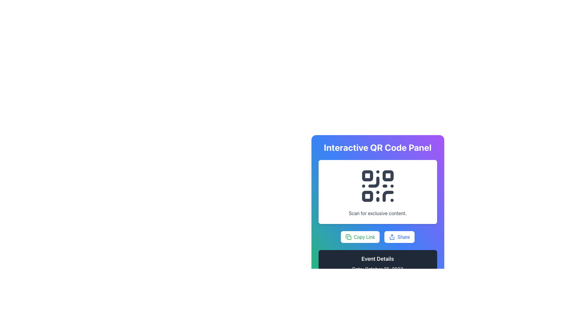  I want to click on the leftmost button in the 'Interactive QR Code Panel' section, so click(377, 236).